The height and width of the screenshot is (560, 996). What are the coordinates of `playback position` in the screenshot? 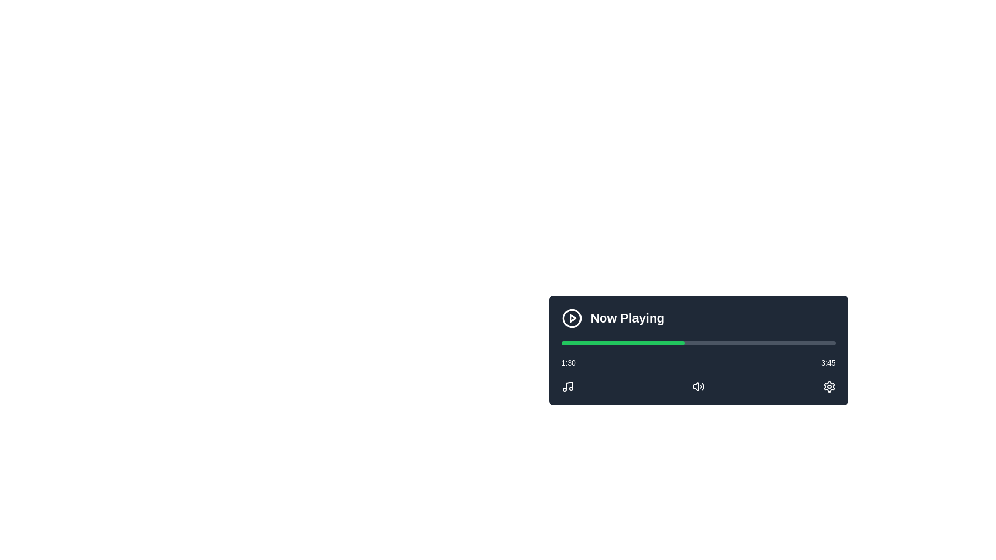 It's located at (561, 343).